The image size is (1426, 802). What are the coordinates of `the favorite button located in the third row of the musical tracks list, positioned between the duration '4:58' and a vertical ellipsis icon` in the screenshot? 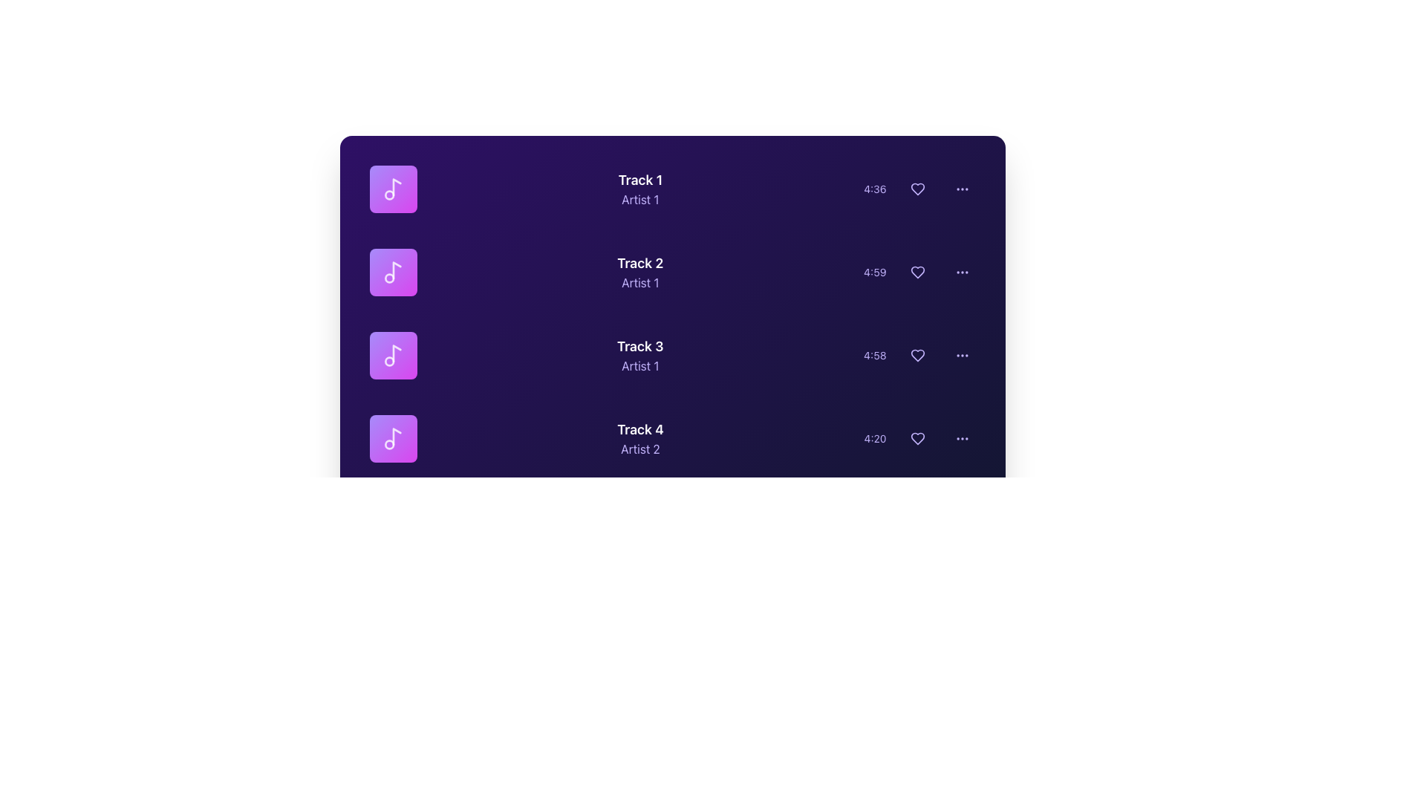 It's located at (919, 355).